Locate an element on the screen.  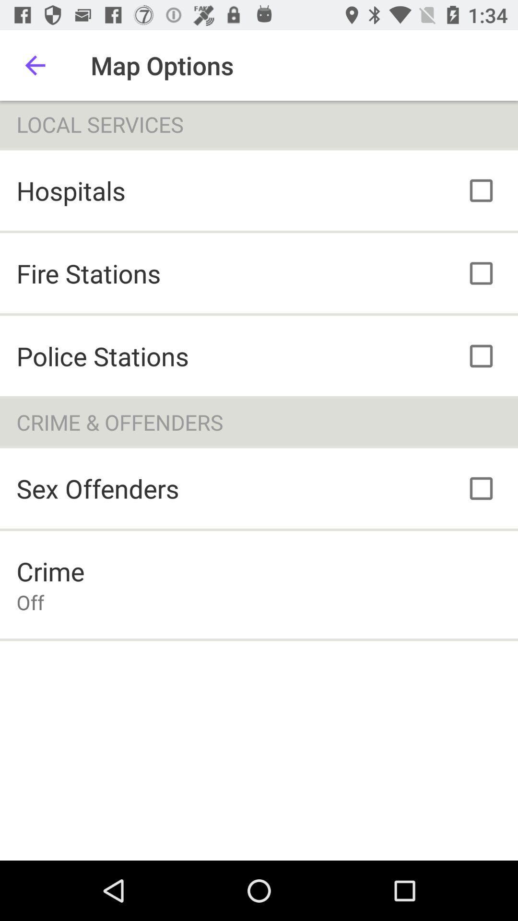
crime & offenders item is located at coordinates (259, 422).